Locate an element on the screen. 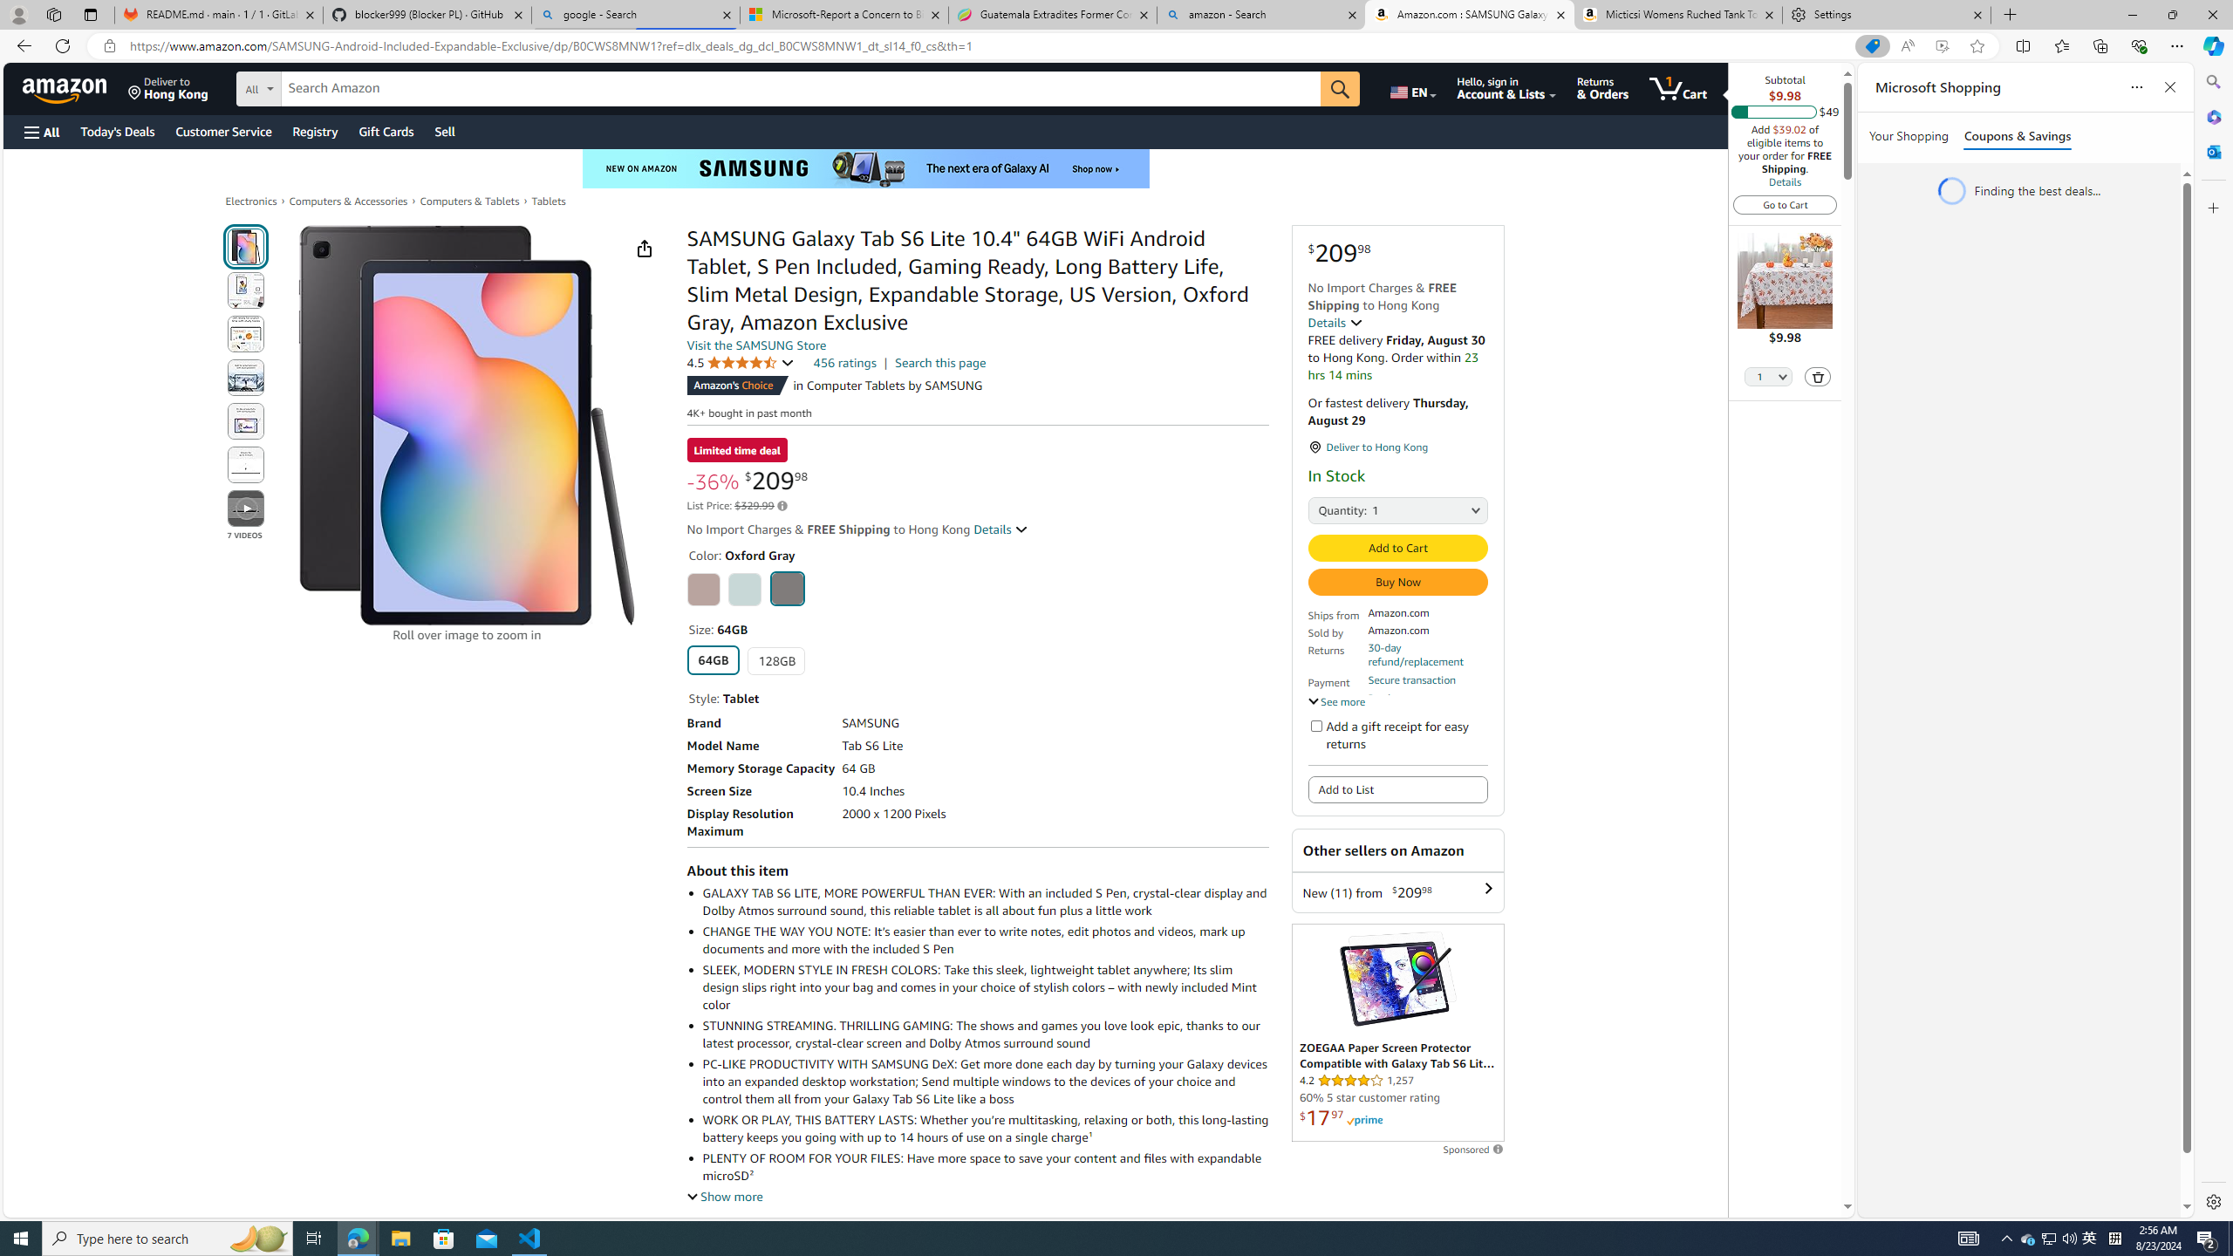  'Galaxy AI is here' is located at coordinates (865, 167).